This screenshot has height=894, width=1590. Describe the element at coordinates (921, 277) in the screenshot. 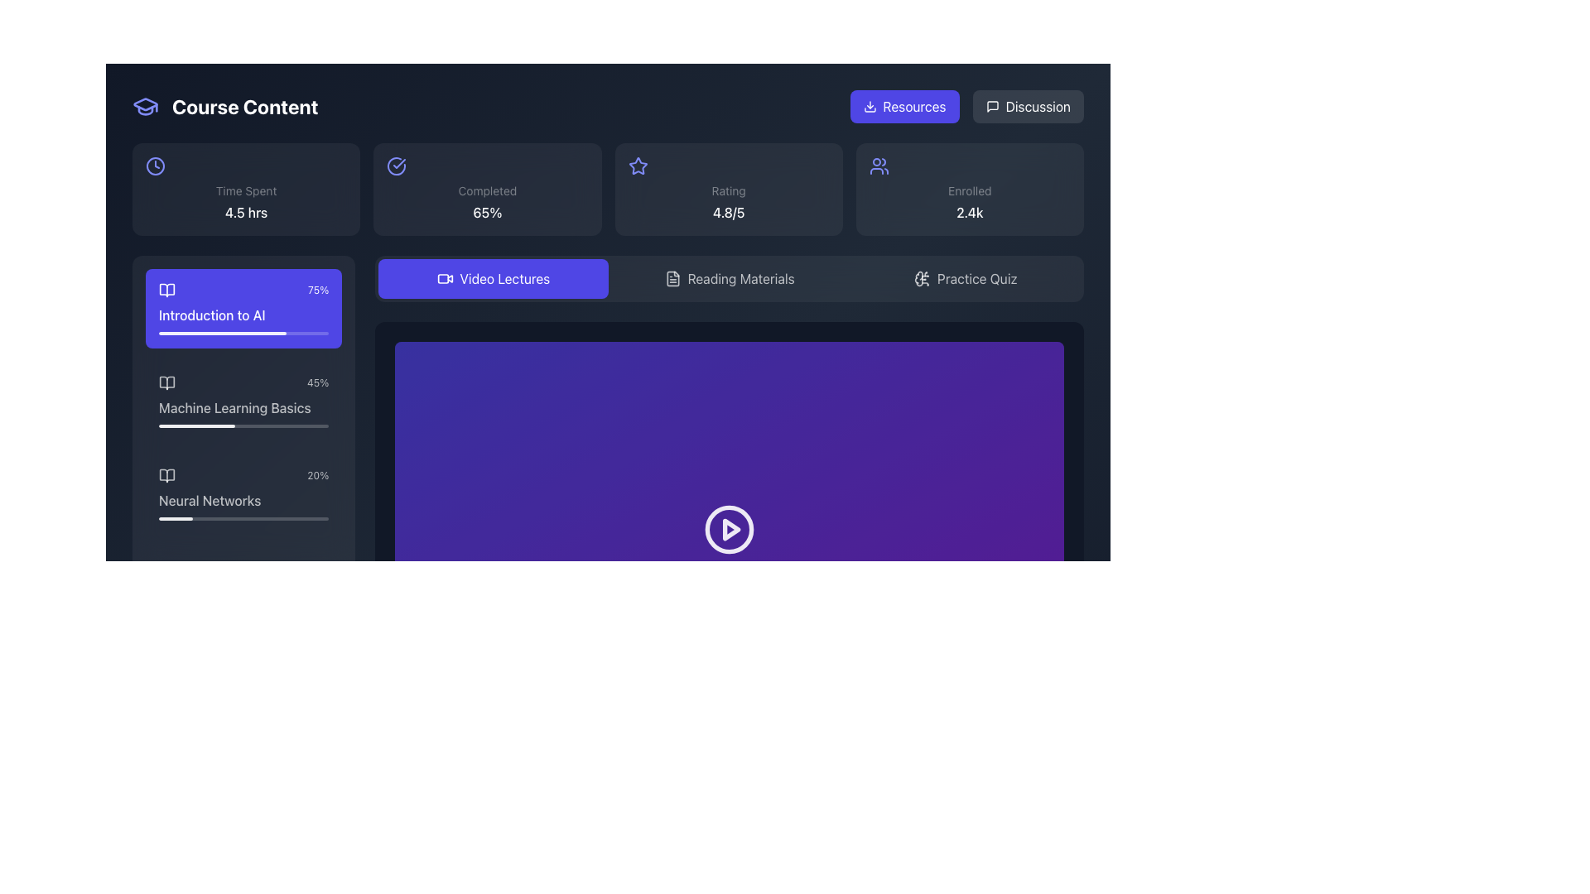

I see `the icon that visually identifies the 'Practice Quiz' feature, located to the left of the text label within the 'Practice Quiz' button in the top-right panel` at that location.